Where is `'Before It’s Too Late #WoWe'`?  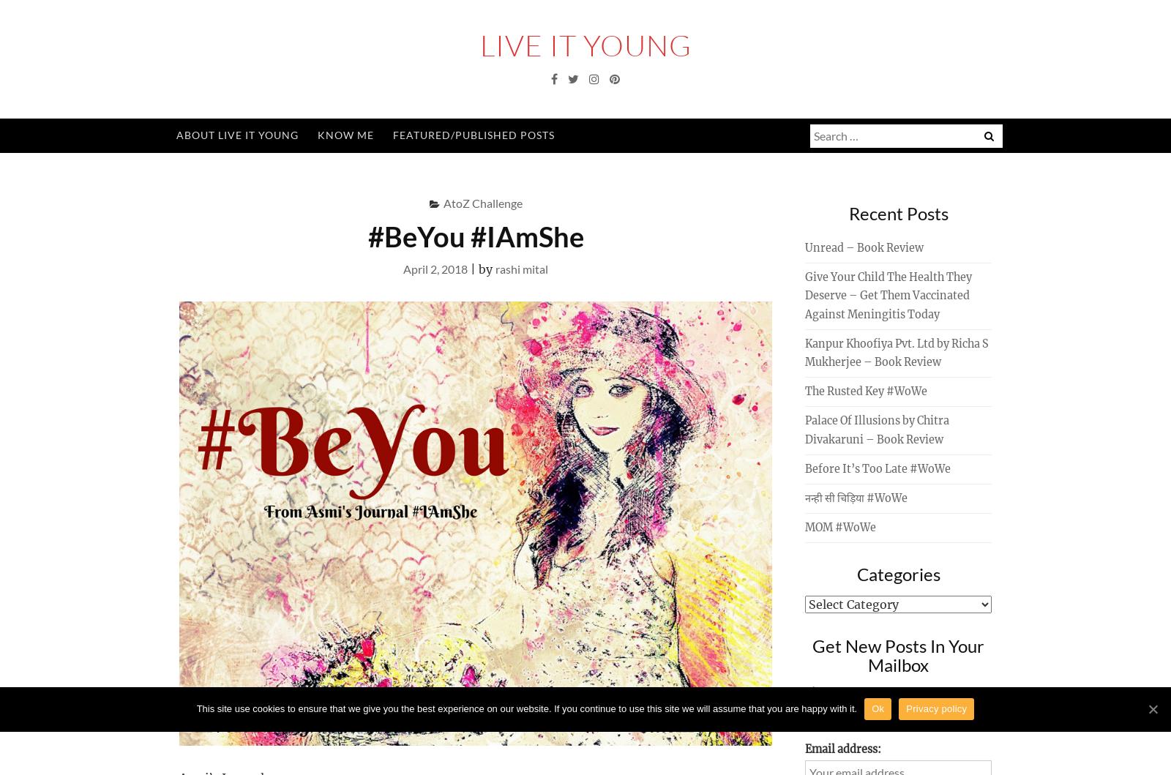
'Before It’s Too Late #WoWe' is located at coordinates (878, 468).